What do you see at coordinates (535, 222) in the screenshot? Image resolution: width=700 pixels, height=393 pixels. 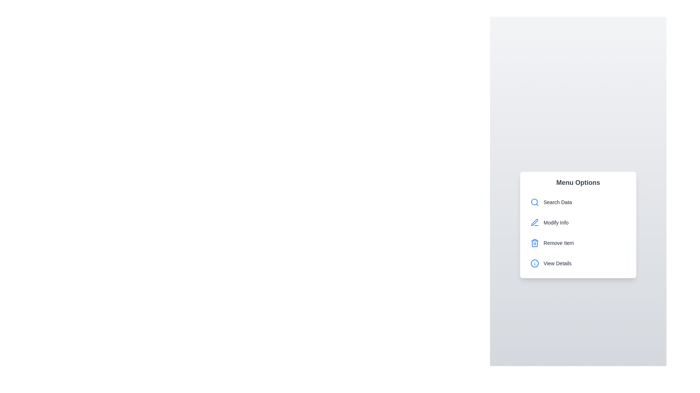 I see `the edit icon located to the left of the 'Modify Info' text within the second menu option of the 'Menu Options' panel` at bounding box center [535, 222].